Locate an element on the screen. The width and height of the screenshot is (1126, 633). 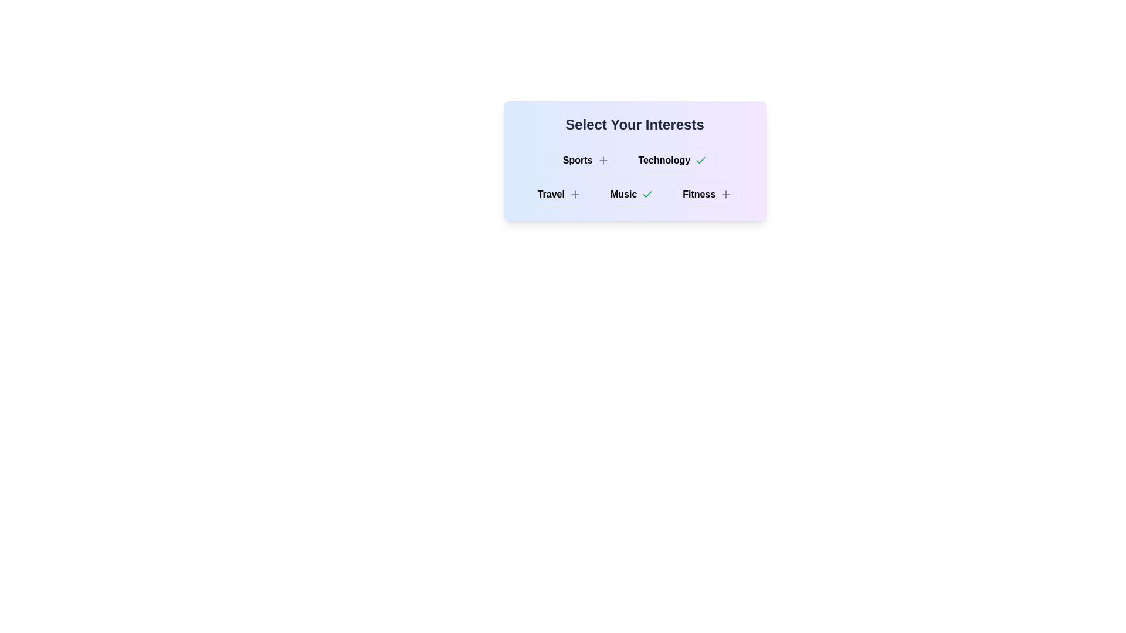
the interest category Music by clicking its button is located at coordinates (632, 193).